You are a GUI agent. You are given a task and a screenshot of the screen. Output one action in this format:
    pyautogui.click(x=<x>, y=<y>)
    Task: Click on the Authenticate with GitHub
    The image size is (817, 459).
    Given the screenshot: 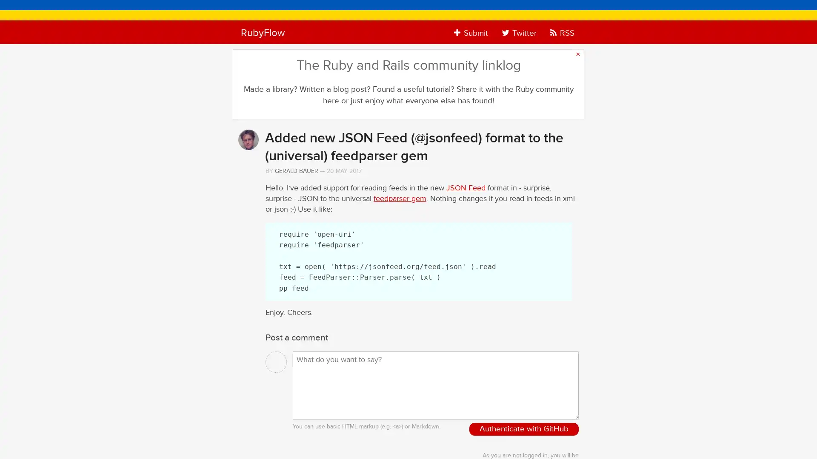 What is the action you would take?
    pyautogui.click(x=523, y=429)
    